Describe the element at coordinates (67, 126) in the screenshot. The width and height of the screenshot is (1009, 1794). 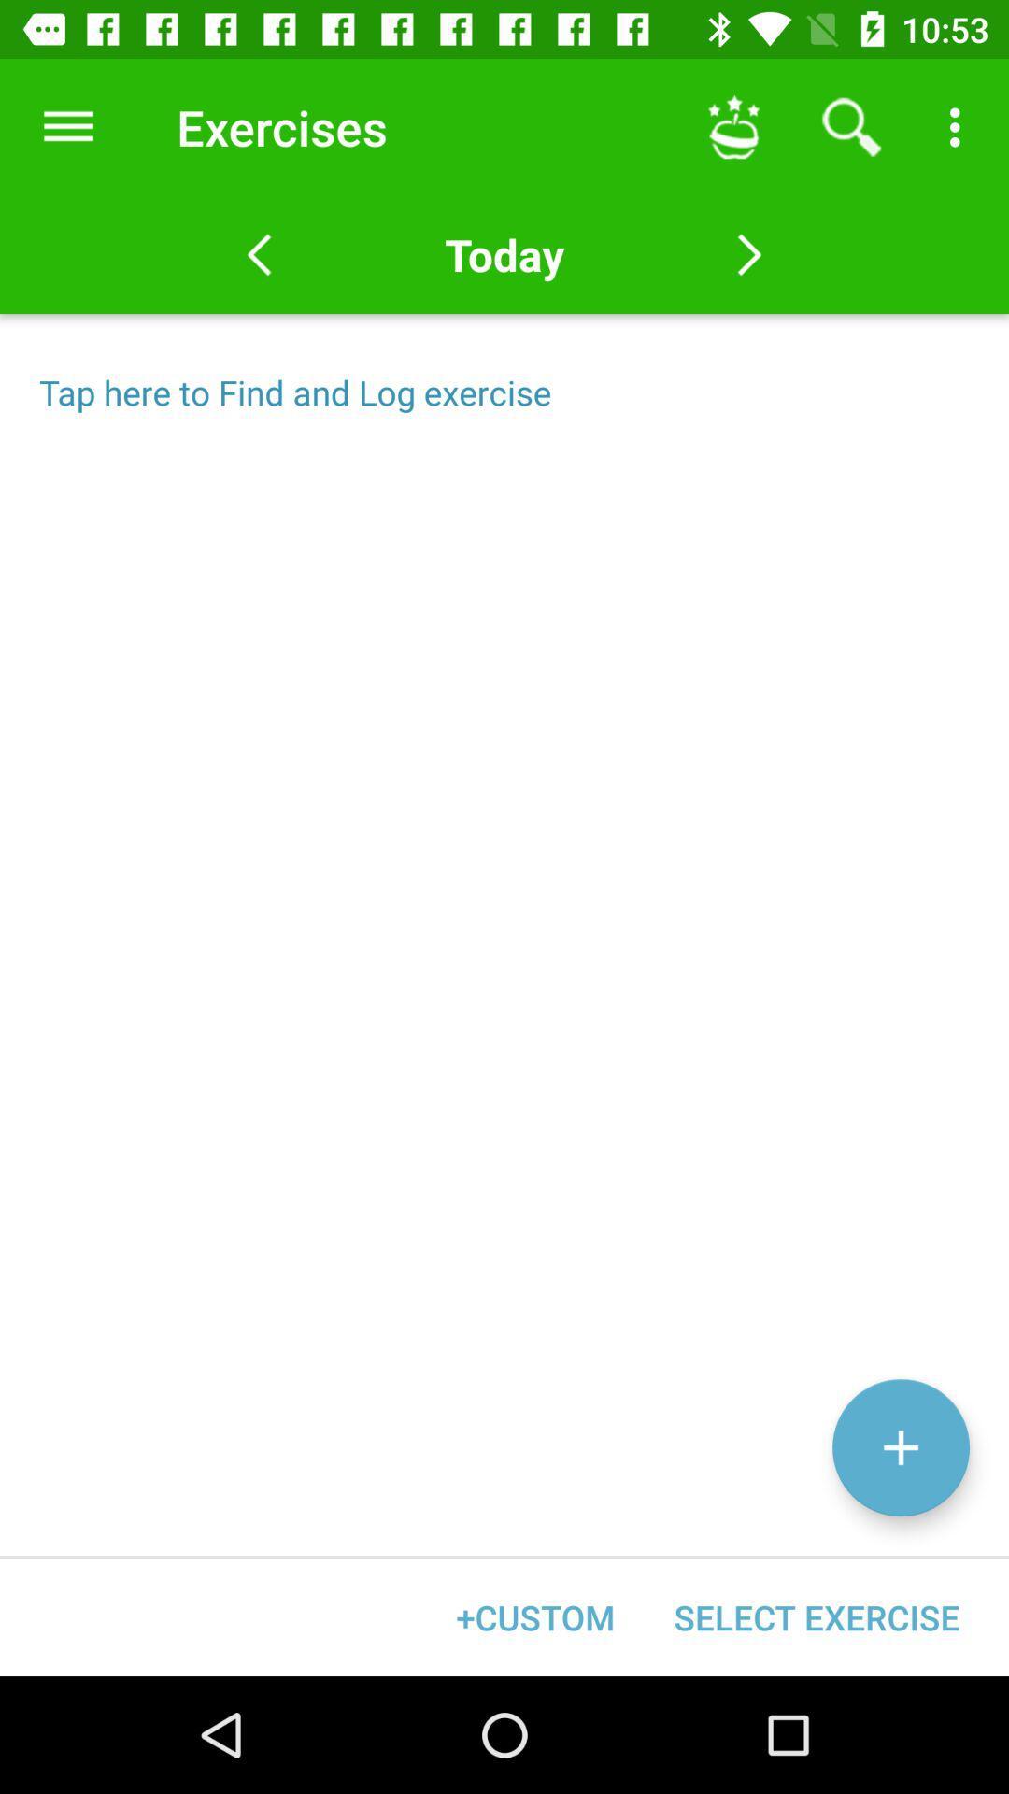
I see `icon to the left of the exercises` at that location.